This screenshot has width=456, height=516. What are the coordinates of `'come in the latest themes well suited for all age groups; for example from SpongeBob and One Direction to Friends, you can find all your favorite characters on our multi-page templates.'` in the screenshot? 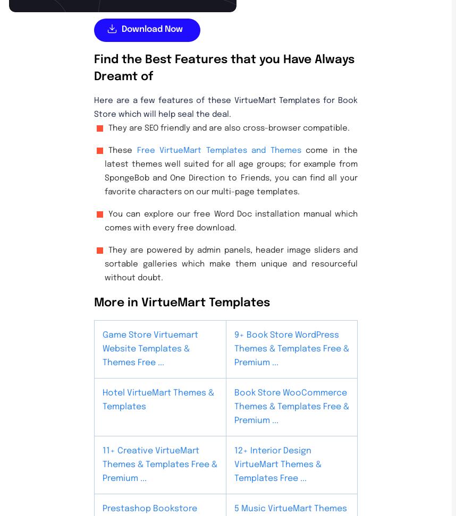 It's located at (231, 170).